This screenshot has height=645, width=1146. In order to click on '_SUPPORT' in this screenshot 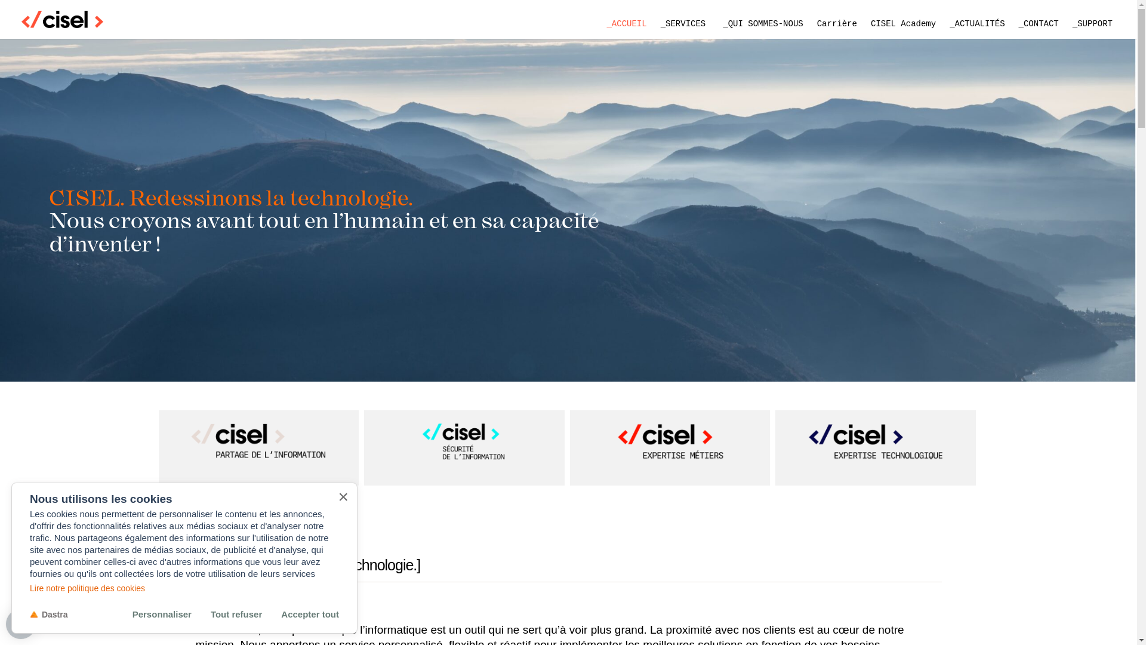, I will do `click(1065, 23)`.